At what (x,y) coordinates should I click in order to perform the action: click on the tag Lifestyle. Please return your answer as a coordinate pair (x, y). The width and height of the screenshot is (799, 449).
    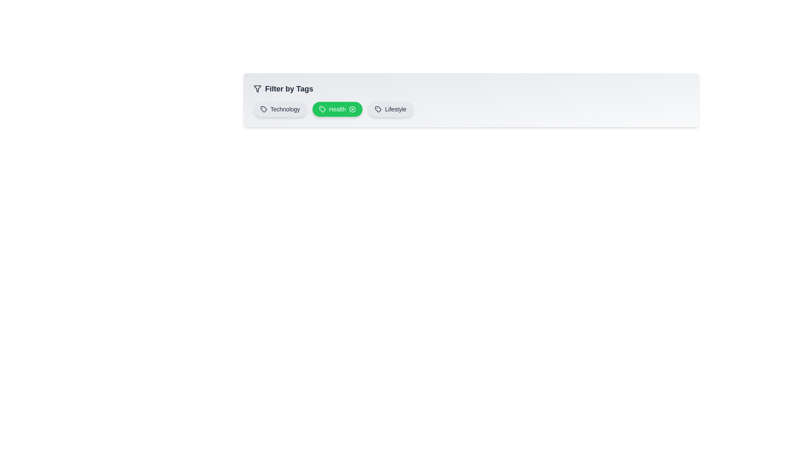
    Looking at the image, I should click on (390, 109).